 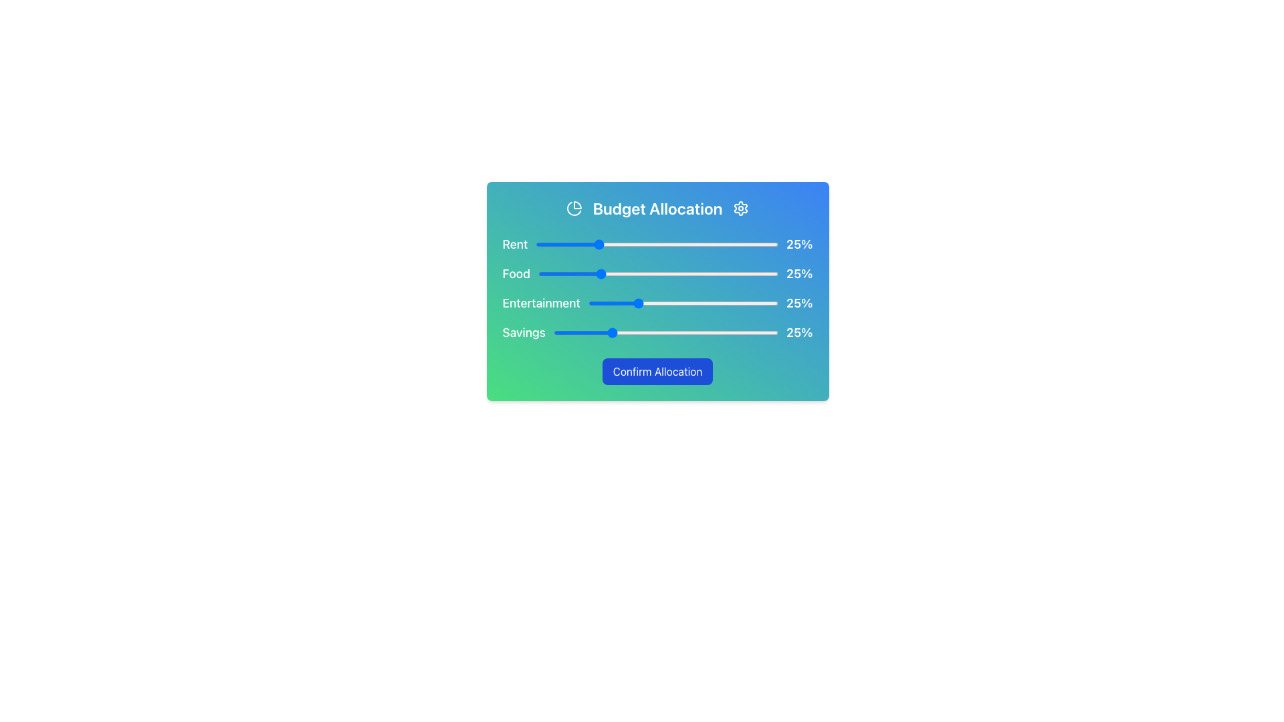 What do you see at coordinates (693, 245) in the screenshot?
I see `the 'Rent' allocation slider` at bounding box center [693, 245].